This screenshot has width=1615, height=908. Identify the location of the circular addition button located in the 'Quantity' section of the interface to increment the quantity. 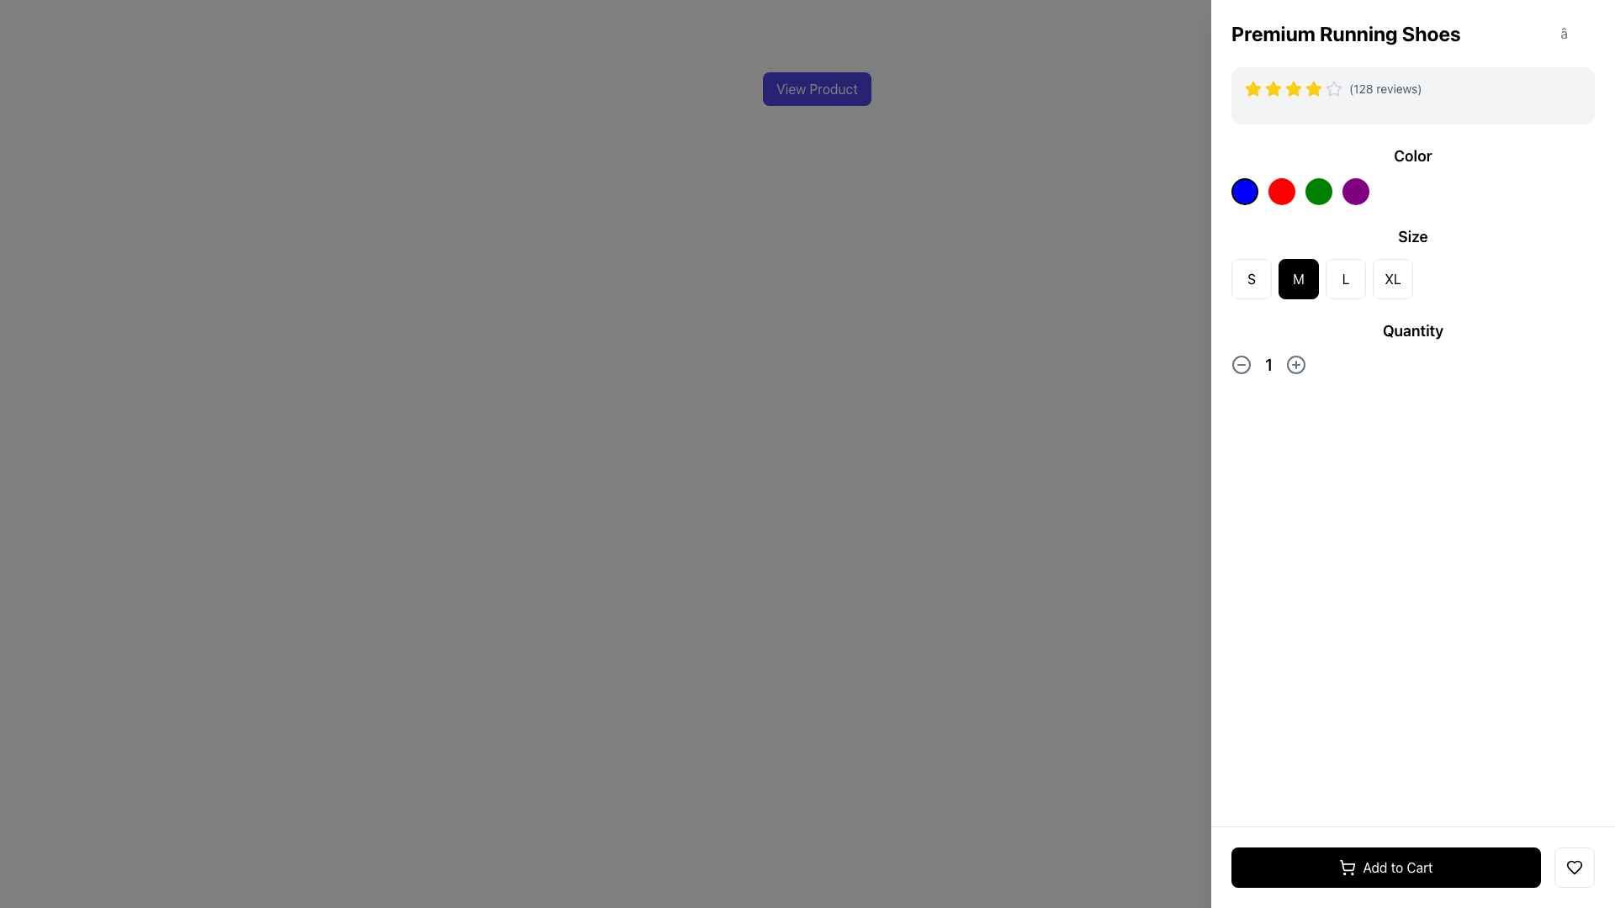
(1295, 364).